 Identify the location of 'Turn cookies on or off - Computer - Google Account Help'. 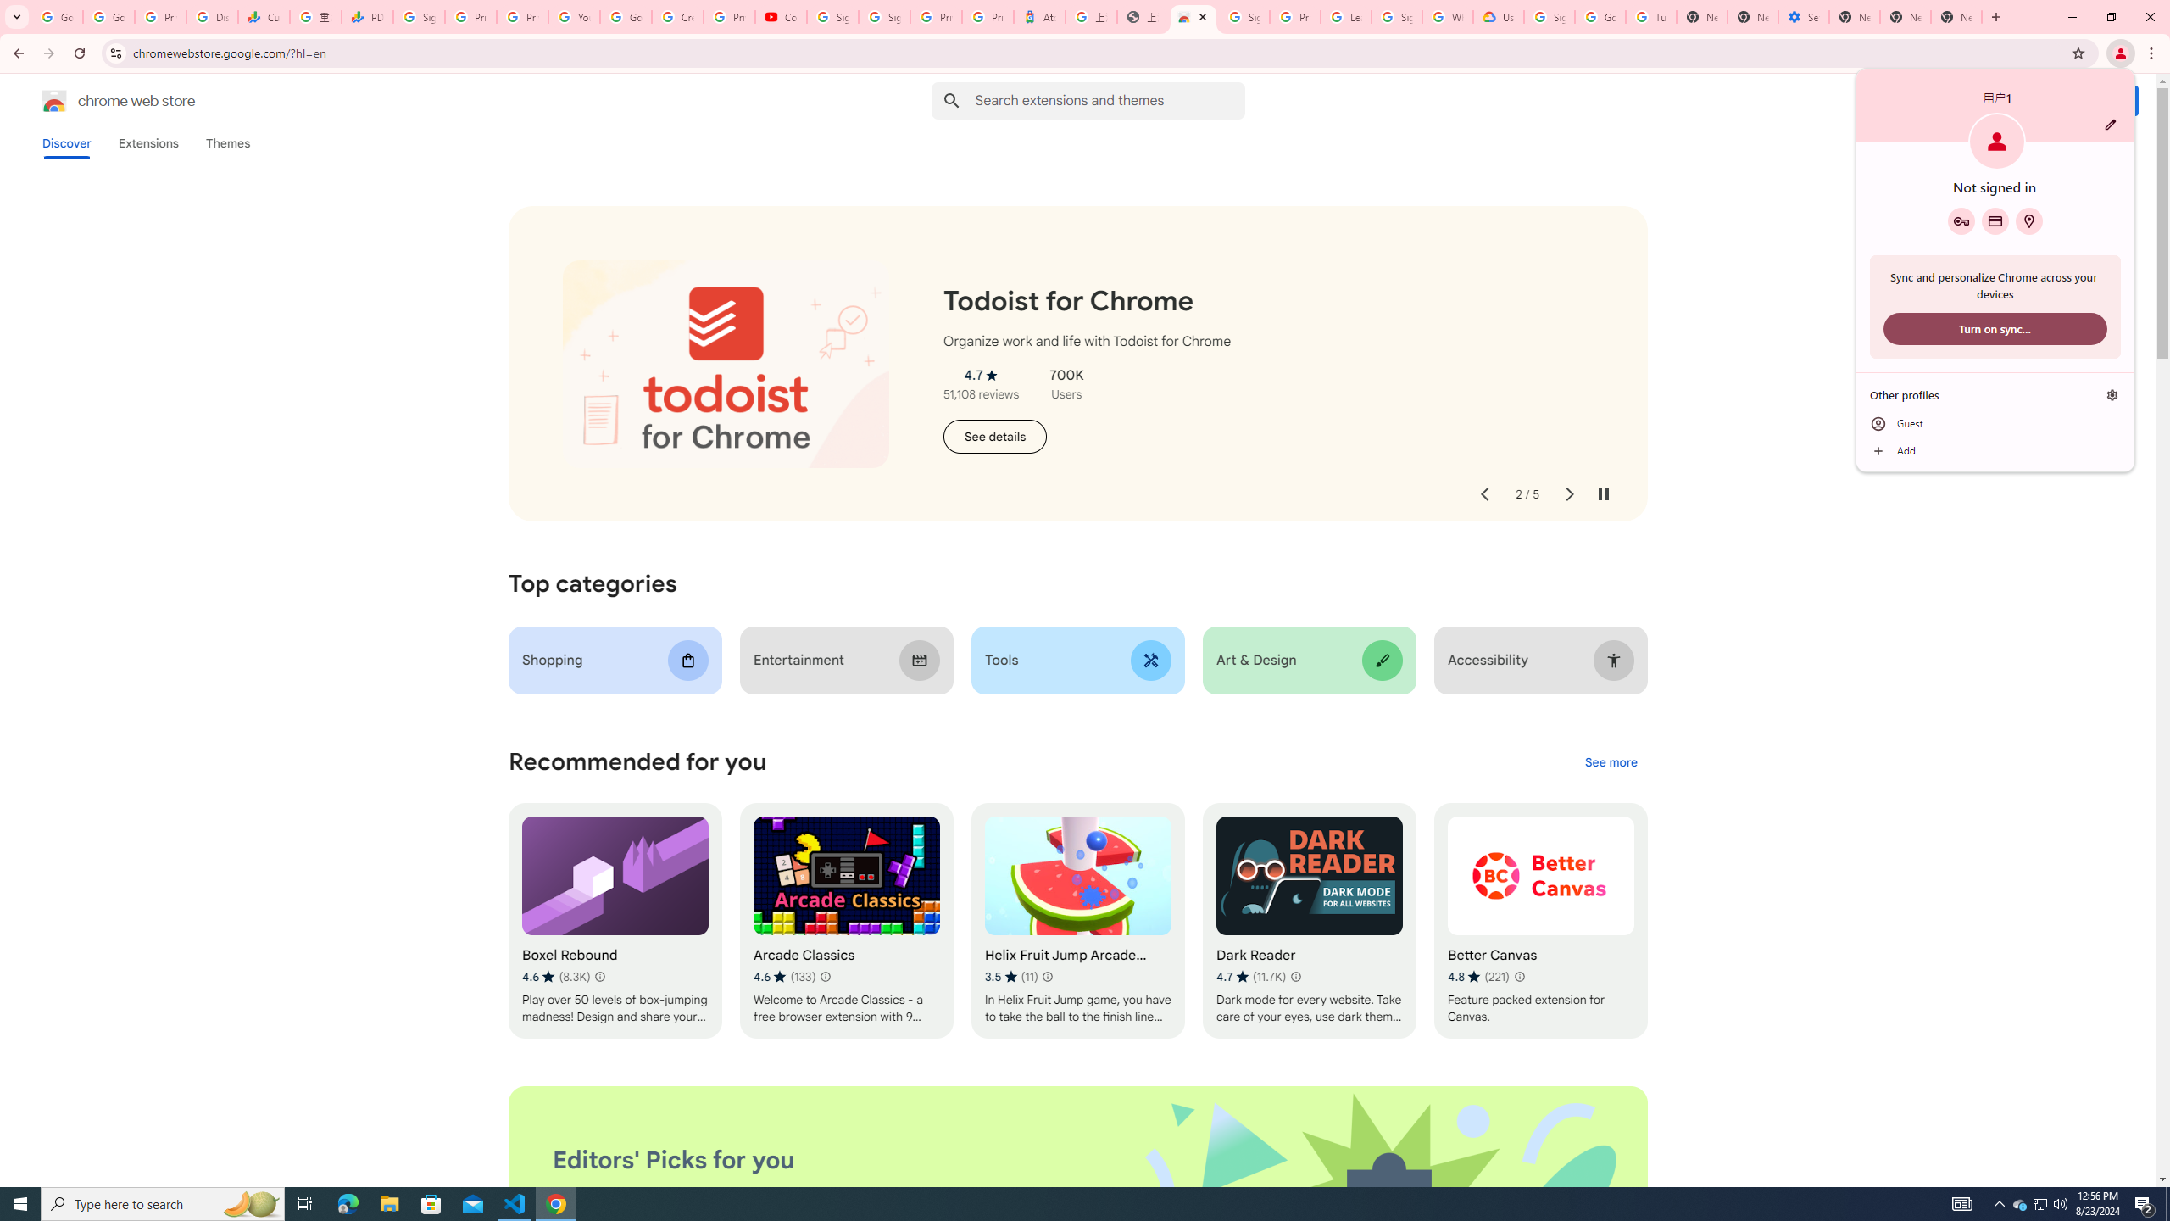
(1651, 16).